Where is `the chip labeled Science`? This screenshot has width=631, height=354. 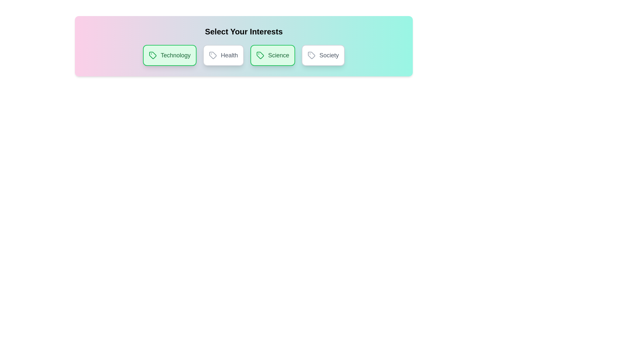 the chip labeled Science is located at coordinates (273, 55).